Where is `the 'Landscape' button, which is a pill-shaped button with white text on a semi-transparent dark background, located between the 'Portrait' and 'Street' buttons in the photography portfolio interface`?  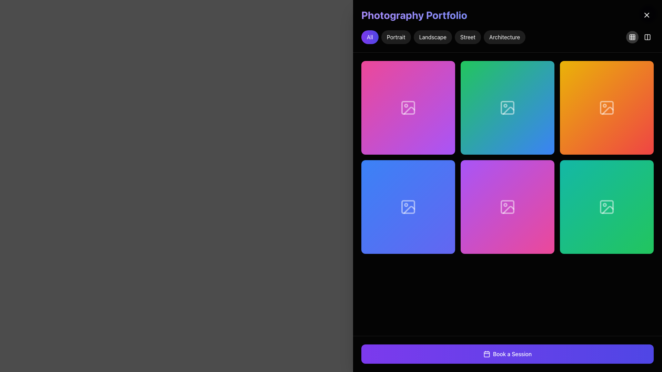 the 'Landscape' button, which is a pill-shaped button with white text on a semi-transparent dark background, located between the 'Portrait' and 'Street' buttons in the photography portfolio interface is located at coordinates (432, 37).